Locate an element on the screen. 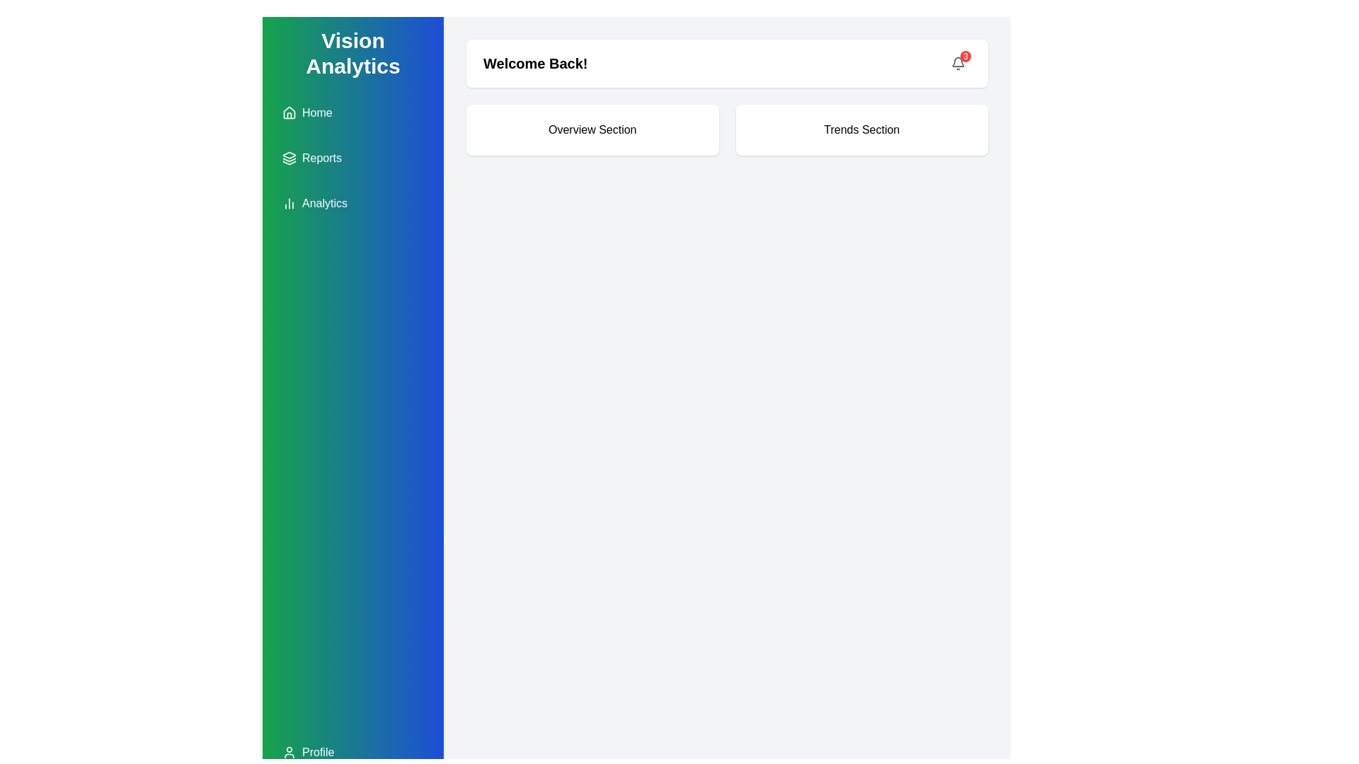 Image resolution: width=1359 pixels, height=764 pixels. the minimalist house icon located on the left-hand green and blue vertical sidebar, which is the first icon from the top, next to the label 'Home' is located at coordinates (288, 111).